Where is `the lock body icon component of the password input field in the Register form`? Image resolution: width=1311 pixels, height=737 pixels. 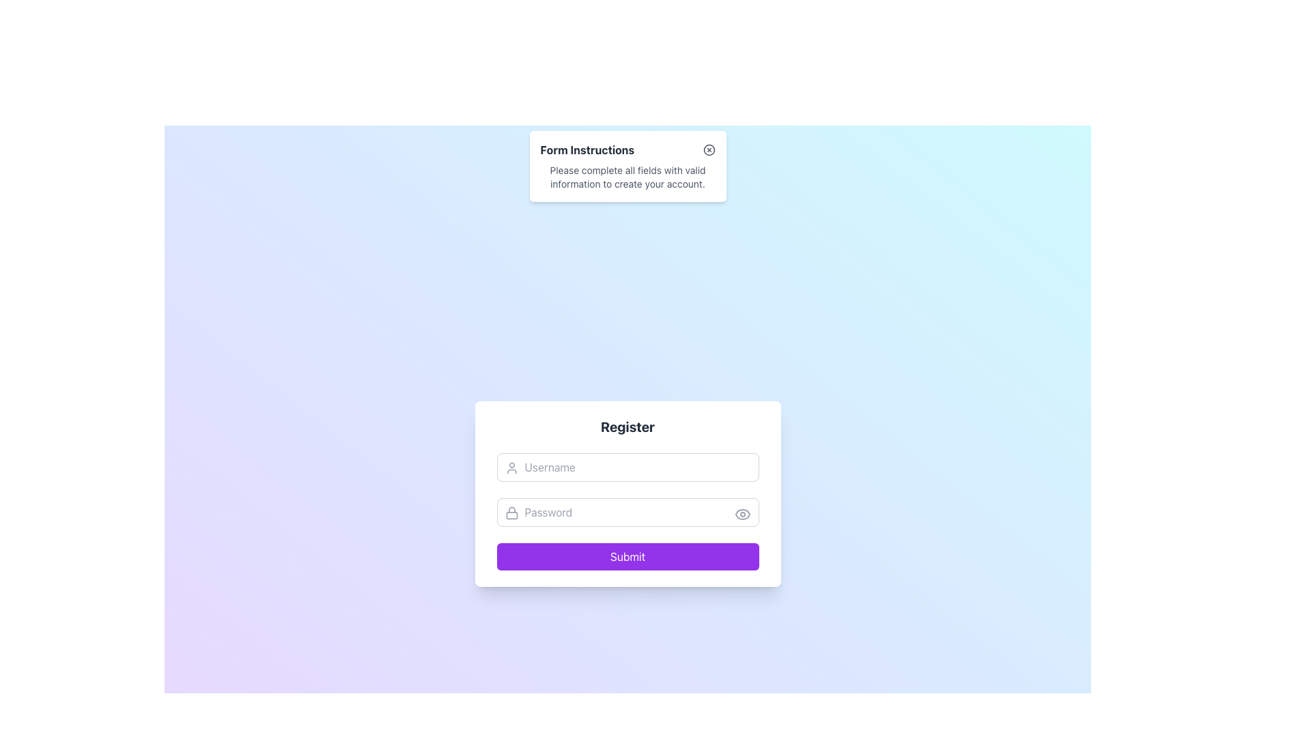
the lock body icon component of the password input field in the Register form is located at coordinates (511, 515).